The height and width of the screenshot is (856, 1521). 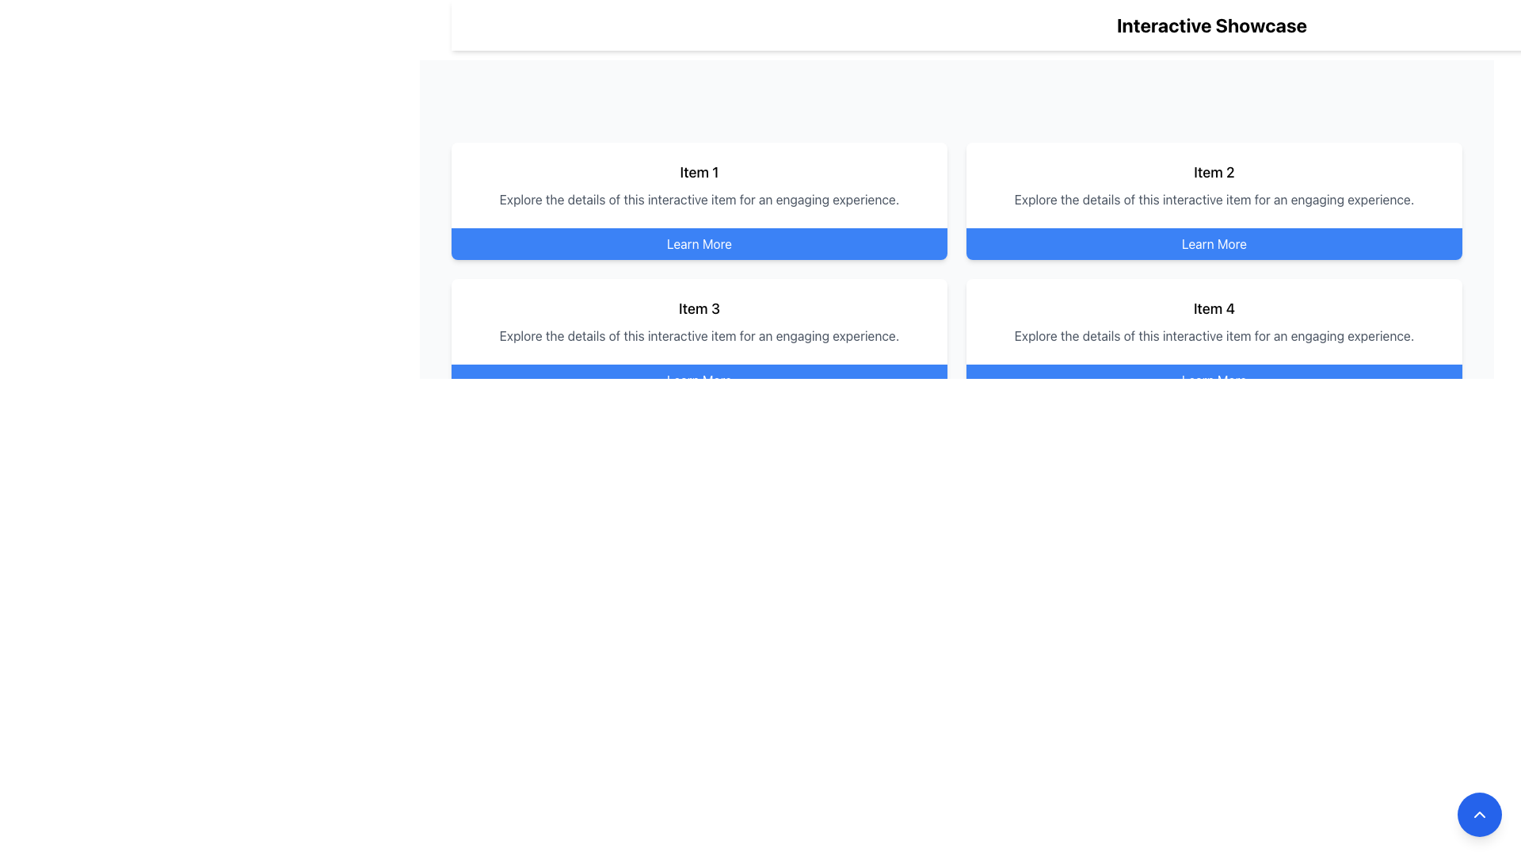 I want to click on the Informational Text Block located in the top-left quadrant of the grid, which is positioned above the 'Learn More' button and is the first box in a two-by-two grid system, so click(x=699, y=185).